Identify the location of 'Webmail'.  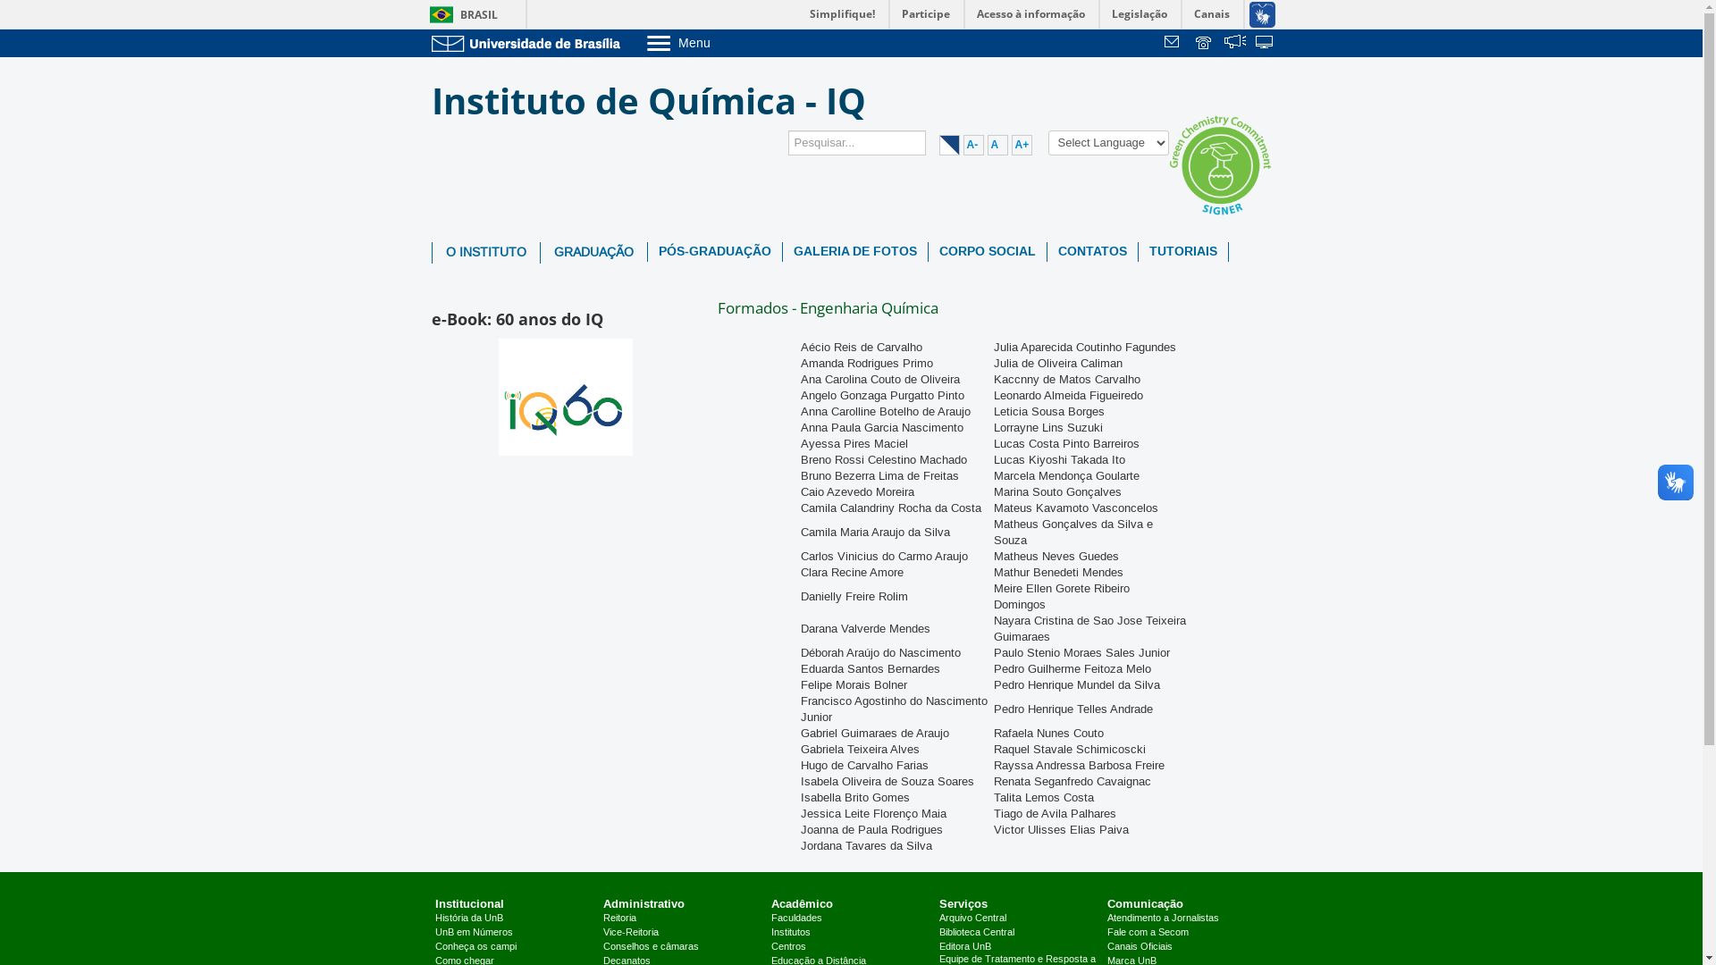
(1174, 43).